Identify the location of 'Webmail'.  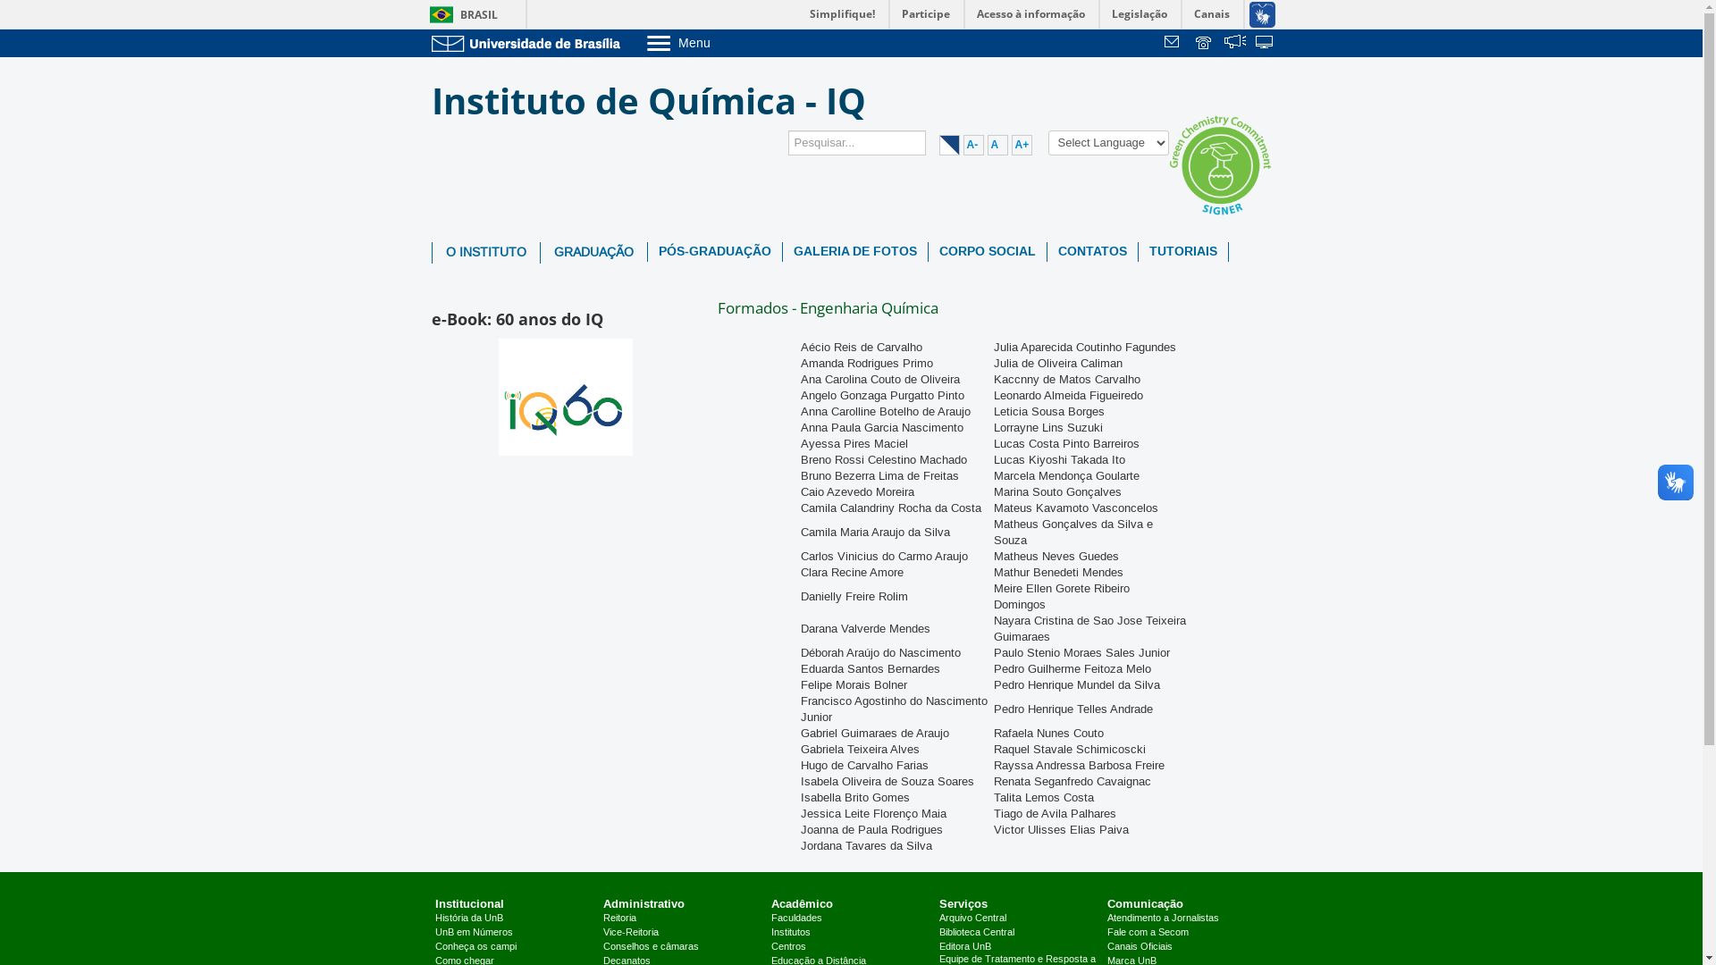
(1174, 43).